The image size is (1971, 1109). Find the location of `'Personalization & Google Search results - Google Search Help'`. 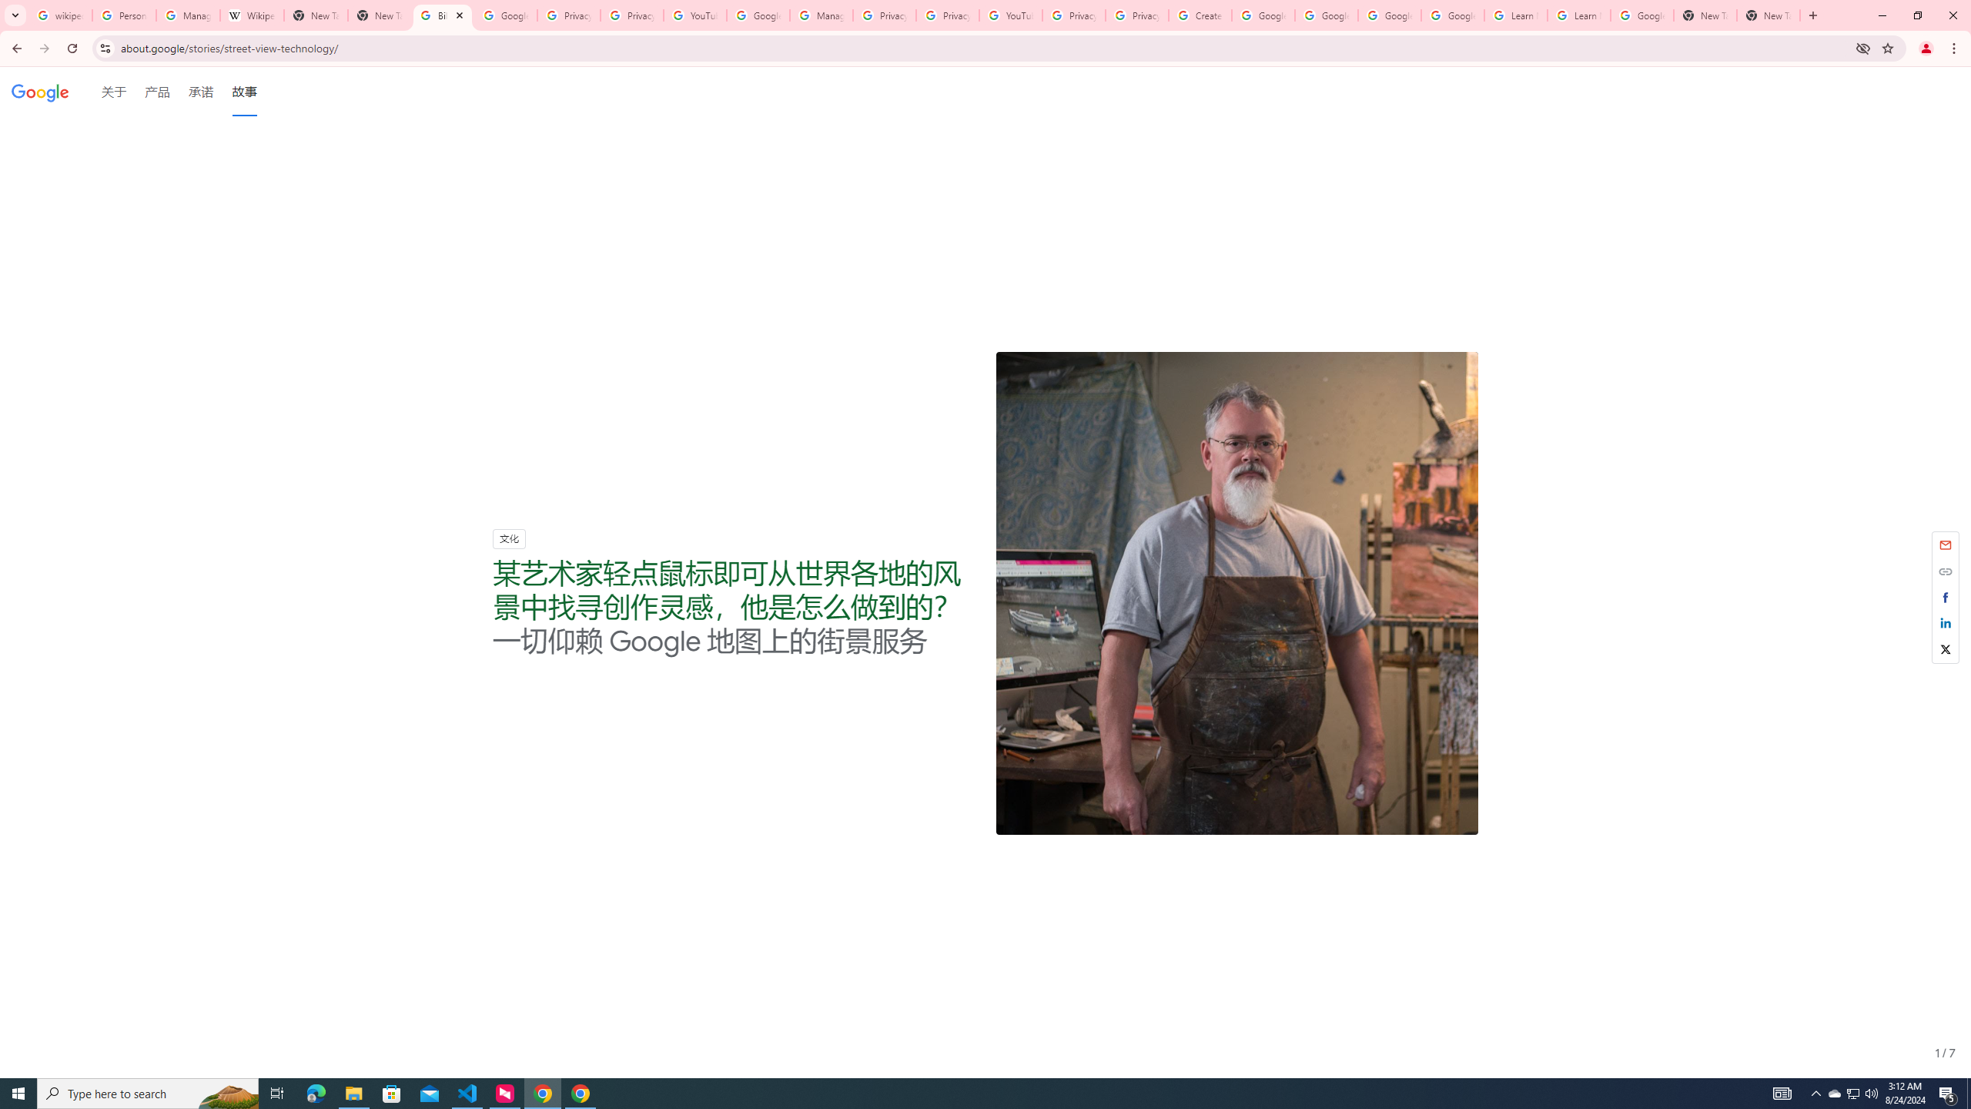

'Personalization & Google Search results - Google Search Help' is located at coordinates (123, 15).